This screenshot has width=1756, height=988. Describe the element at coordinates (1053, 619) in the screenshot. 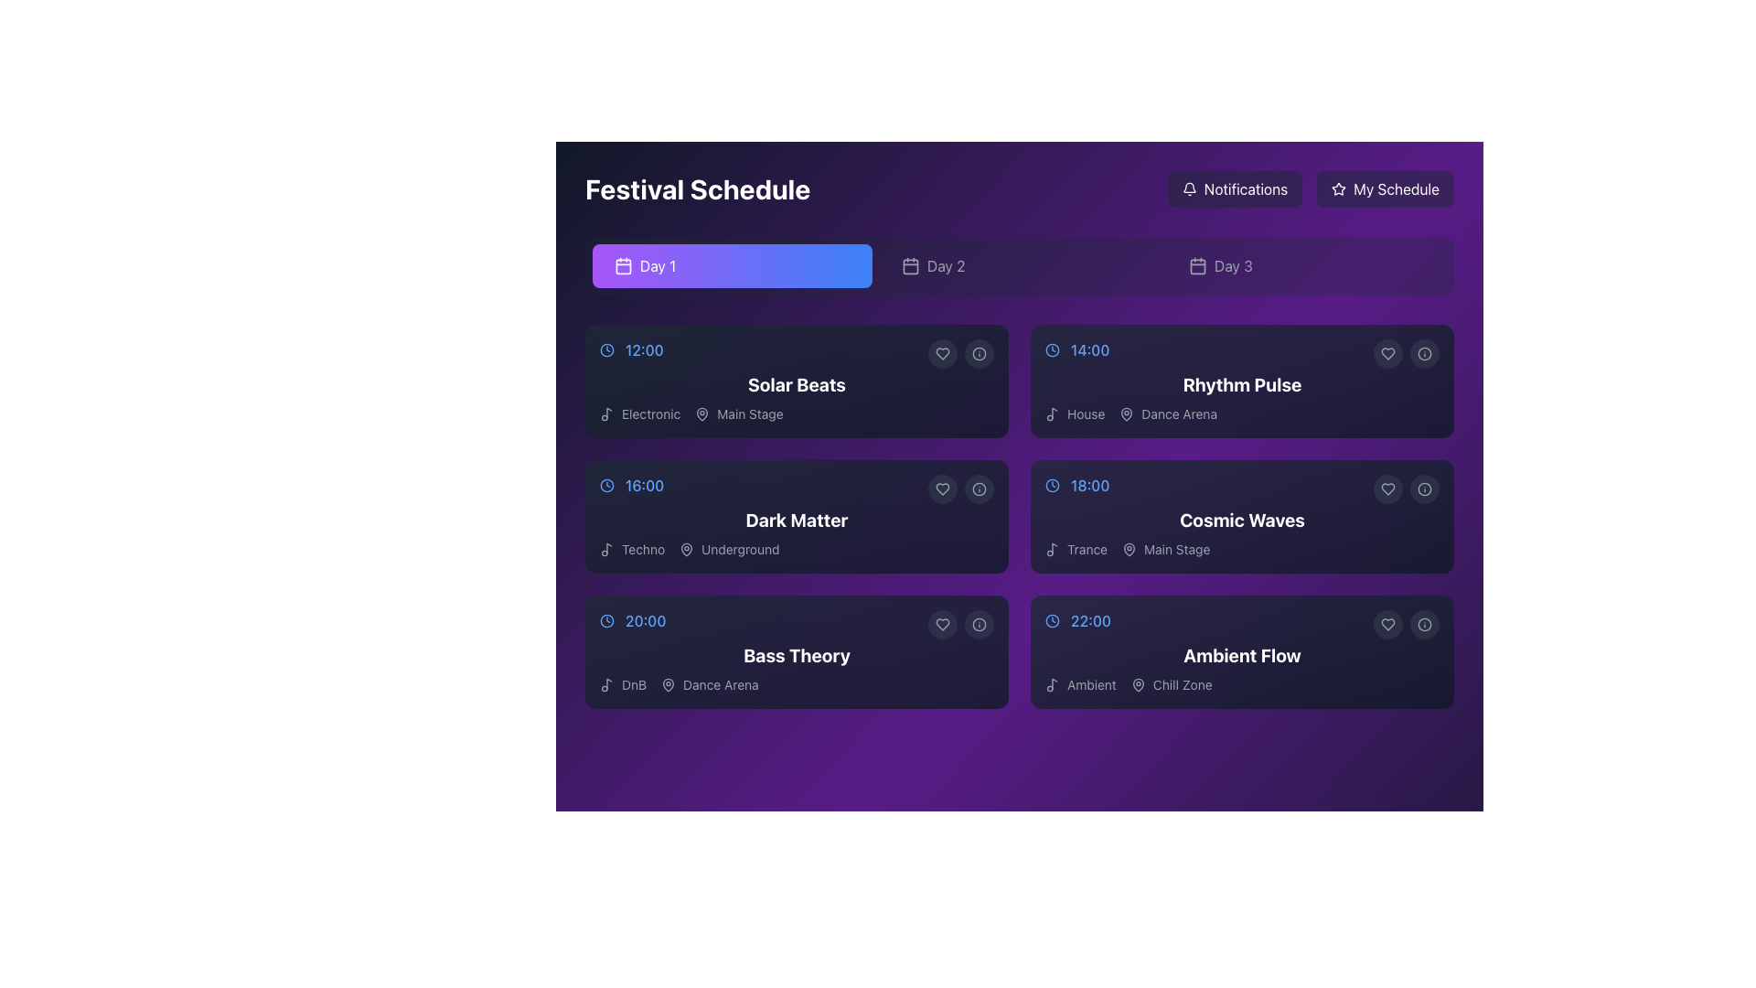

I see `the clock icon located in the top-left corner of the '22:00' time label` at that location.